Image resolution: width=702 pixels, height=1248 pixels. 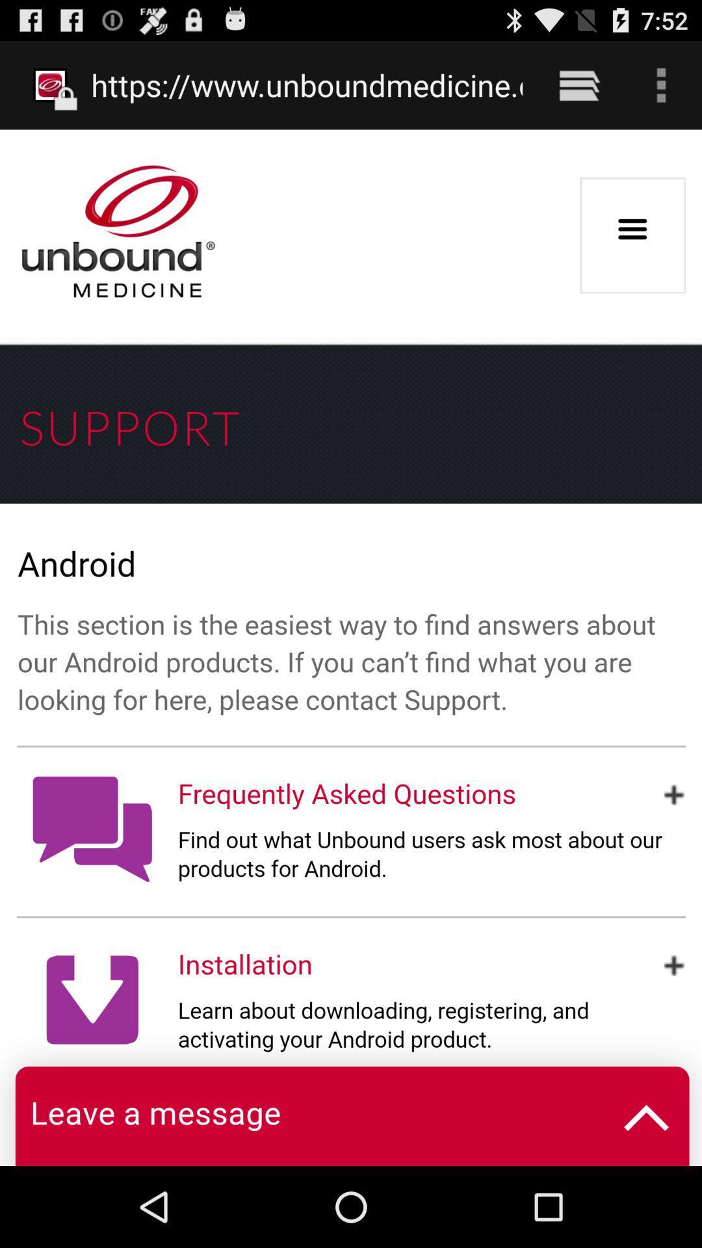 I want to click on the https www unboundmedicine item, so click(x=307, y=84).